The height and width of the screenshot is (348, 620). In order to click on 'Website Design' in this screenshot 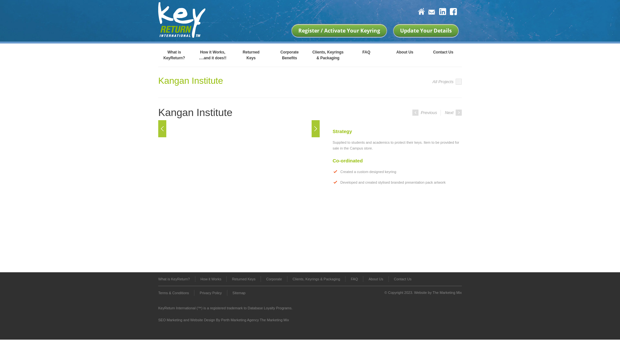, I will do `click(202, 320)`.